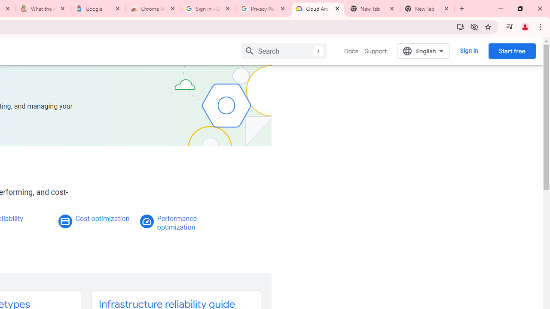  Describe the element at coordinates (460, 26) in the screenshot. I see `'Install Google Cloud'` at that location.